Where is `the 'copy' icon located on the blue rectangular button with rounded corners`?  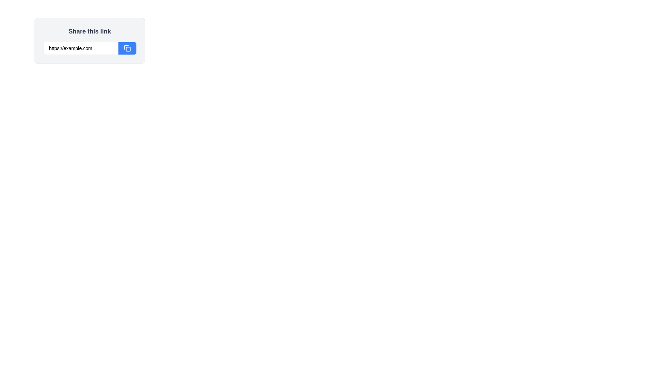
the 'copy' icon located on the blue rectangular button with rounded corners is located at coordinates (127, 48).